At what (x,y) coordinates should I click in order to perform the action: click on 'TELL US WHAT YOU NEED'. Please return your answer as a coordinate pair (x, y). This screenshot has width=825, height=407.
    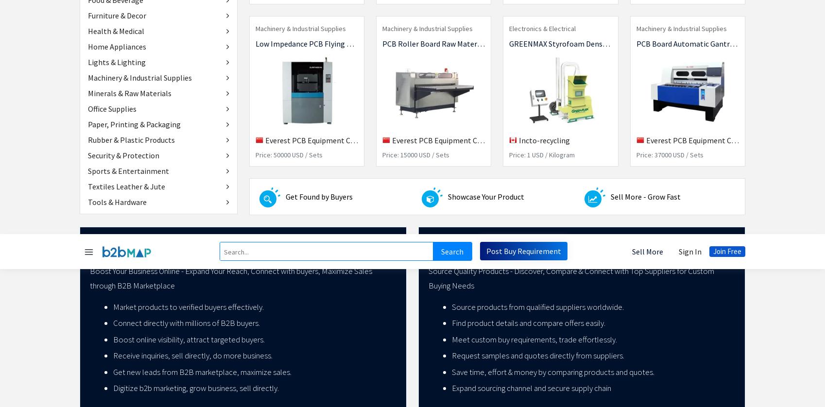
    Looking at the image, I should click on (255, 99).